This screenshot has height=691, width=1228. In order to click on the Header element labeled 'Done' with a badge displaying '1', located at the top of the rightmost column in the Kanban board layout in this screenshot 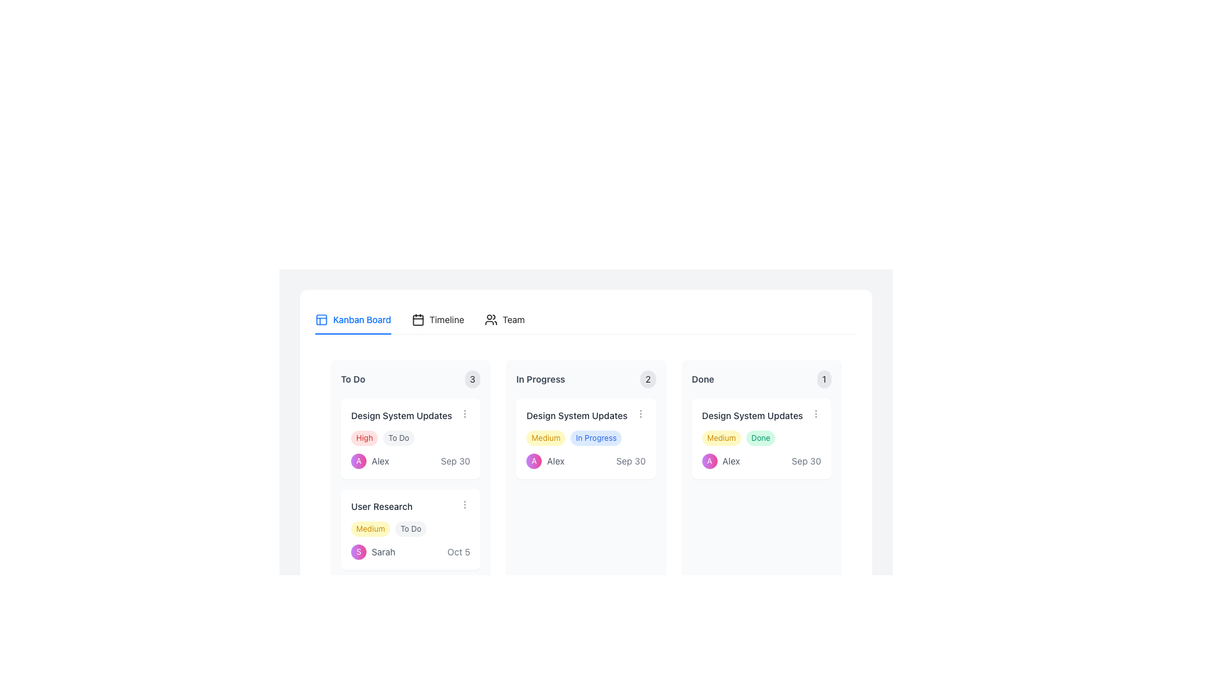, I will do `click(761, 379)`.